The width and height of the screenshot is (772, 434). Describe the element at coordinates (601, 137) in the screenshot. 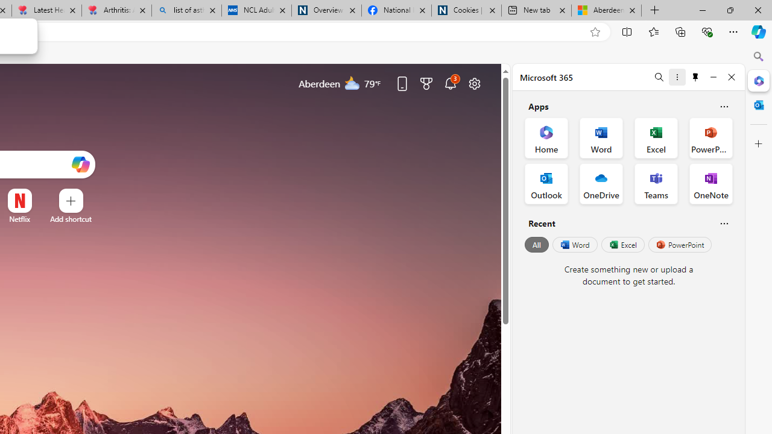

I see `'Word Office App'` at that location.